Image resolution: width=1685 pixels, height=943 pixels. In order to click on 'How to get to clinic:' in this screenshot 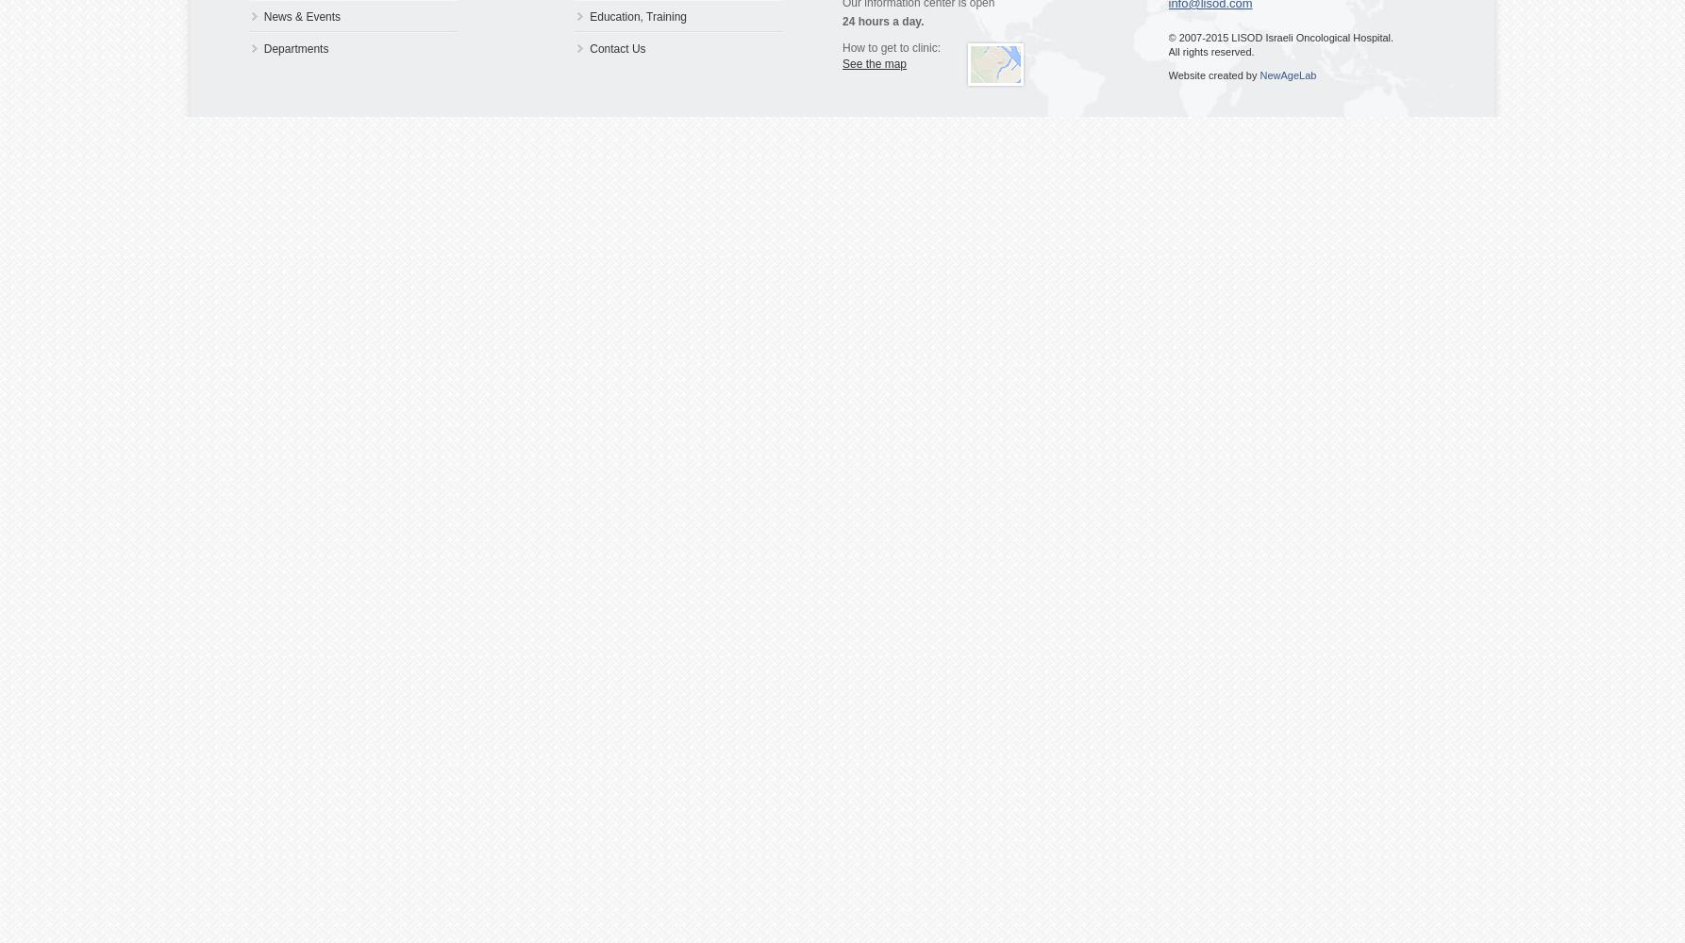, I will do `click(891, 48)`.